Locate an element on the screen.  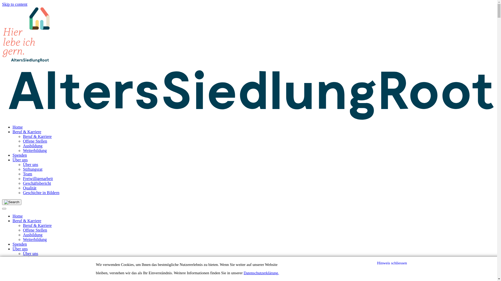
'Home' is located at coordinates (17, 216).